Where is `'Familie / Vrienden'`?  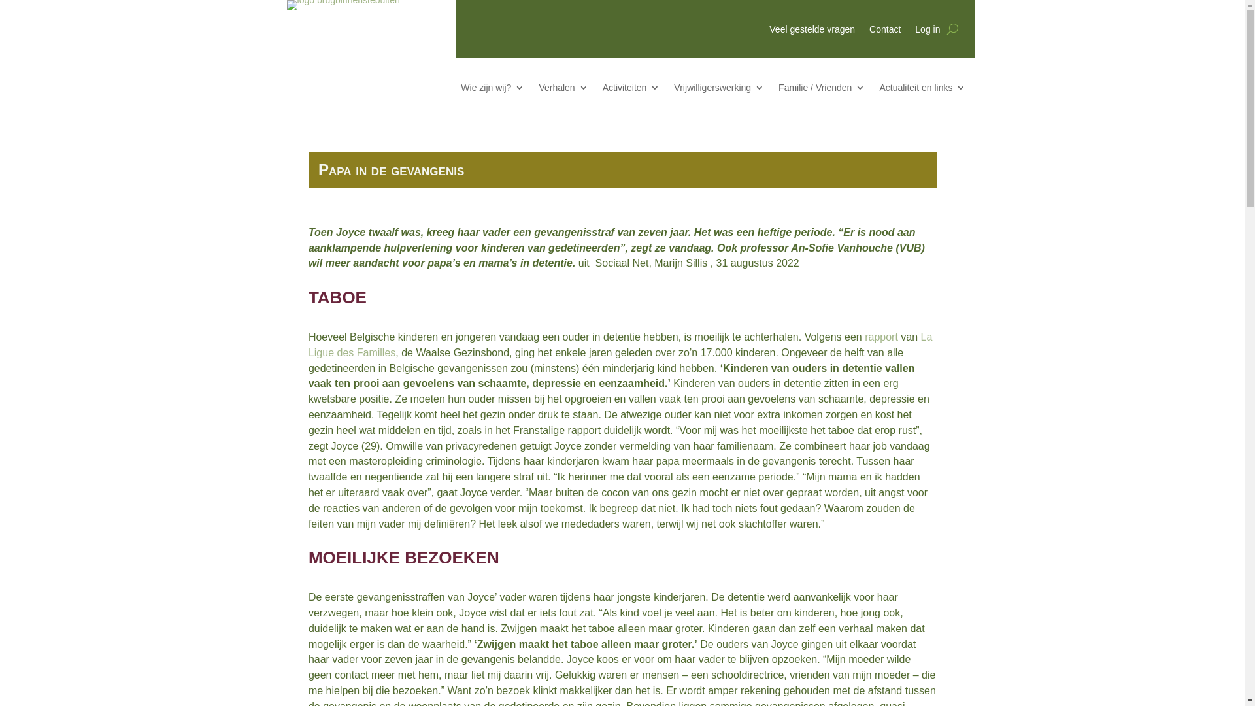
'Familie / Vrienden' is located at coordinates (778, 90).